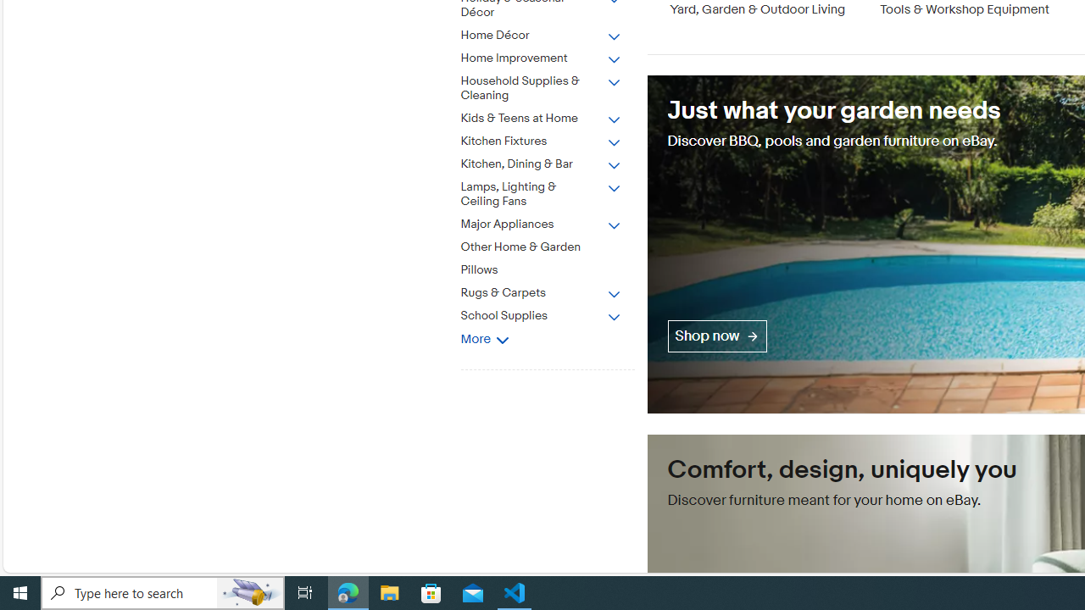 Image resolution: width=1085 pixels, height=610 pixels. Describe the element at coordinates (554, 191) in the screenshot. I see `'Lamps, Lighting & Ceiling Fans'` at that location.